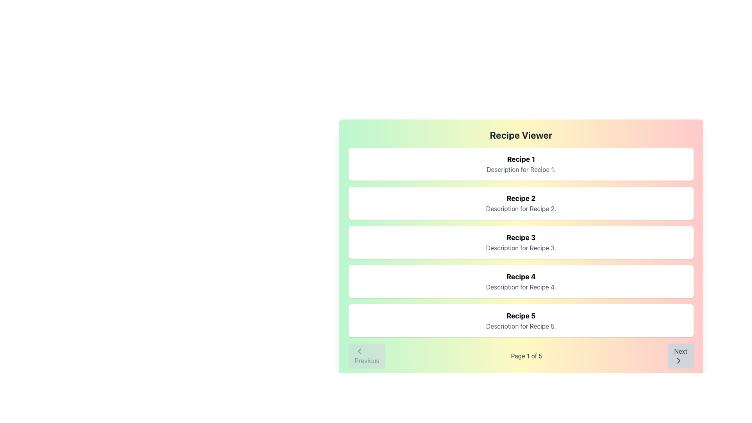  Describe the element at coordinates (359, 351) in the screenshot. I see `the 'Previous' icon located in the bottom-left corner of the interface` at that location.